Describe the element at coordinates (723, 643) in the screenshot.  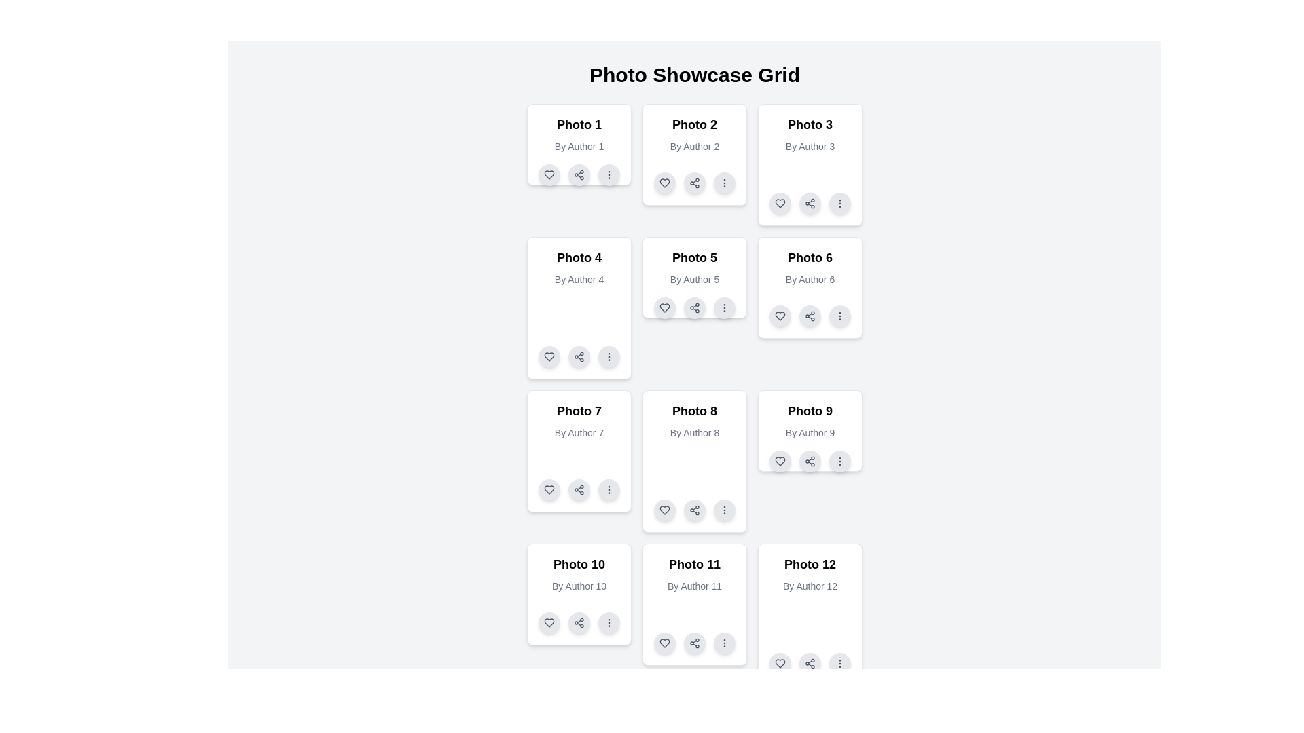
I see `the vertical ellipsis icon located at the bottom-right corner of the 'Photo 11 By Author 11' card` at that location.